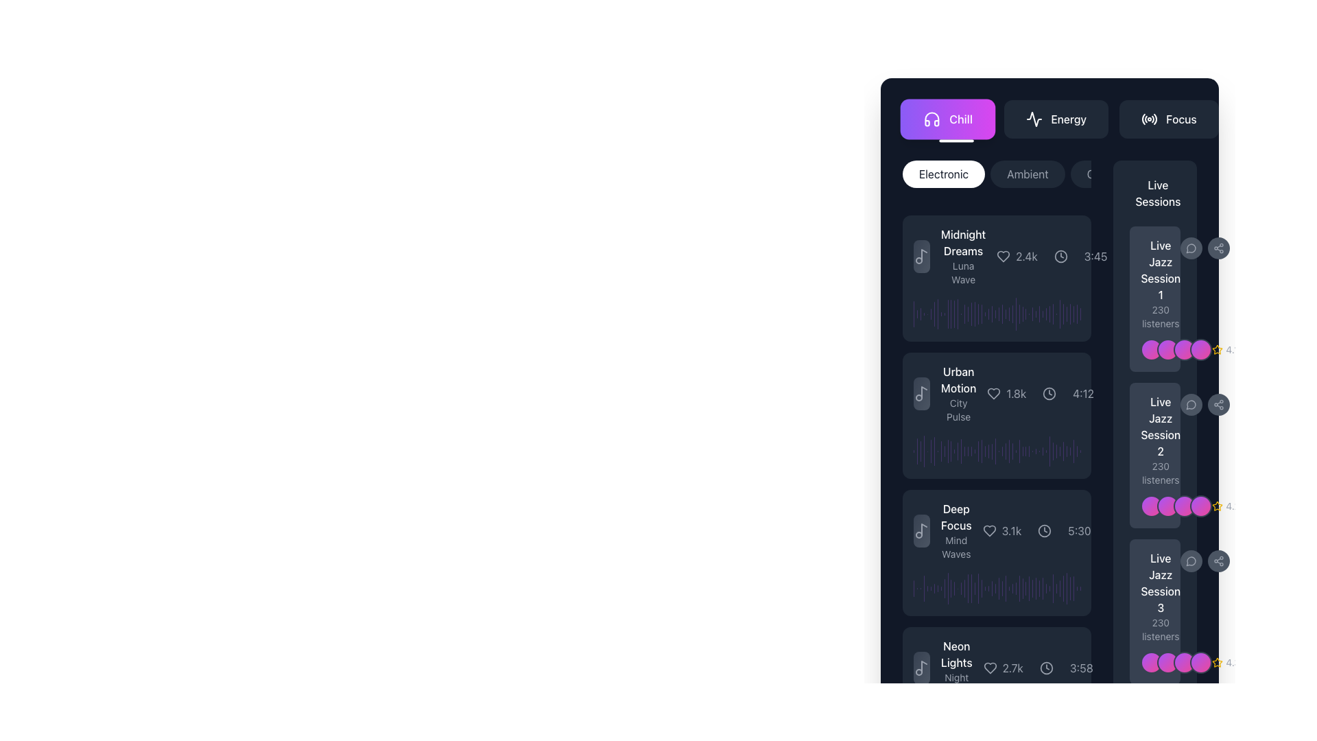 The width and height of the screenshot is (1317, 741). What do you see at coordinates (1167, 349) in the screenshot?
I see `the second circular decorative element representing a user or status, located next to the 'Live Jazz Session 1' block` at bounding box center [1167, 349].